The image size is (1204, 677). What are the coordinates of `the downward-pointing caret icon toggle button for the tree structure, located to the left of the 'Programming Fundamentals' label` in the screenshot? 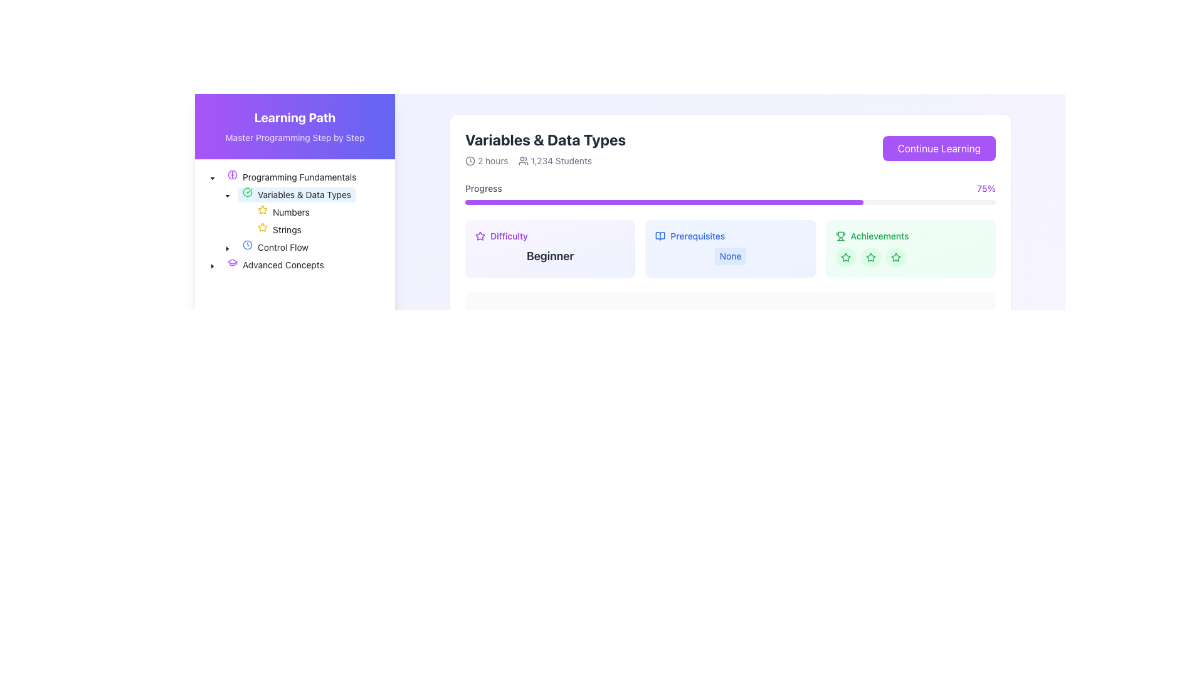 It's located at (213, 177).